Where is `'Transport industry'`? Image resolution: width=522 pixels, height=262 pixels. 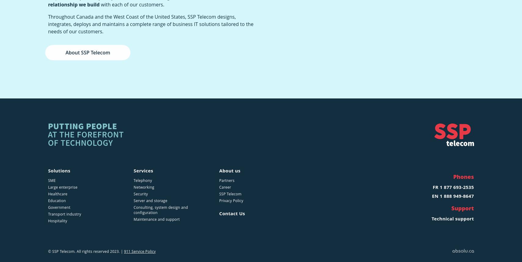
'Transport industry' is located at coordinates (64, 214).